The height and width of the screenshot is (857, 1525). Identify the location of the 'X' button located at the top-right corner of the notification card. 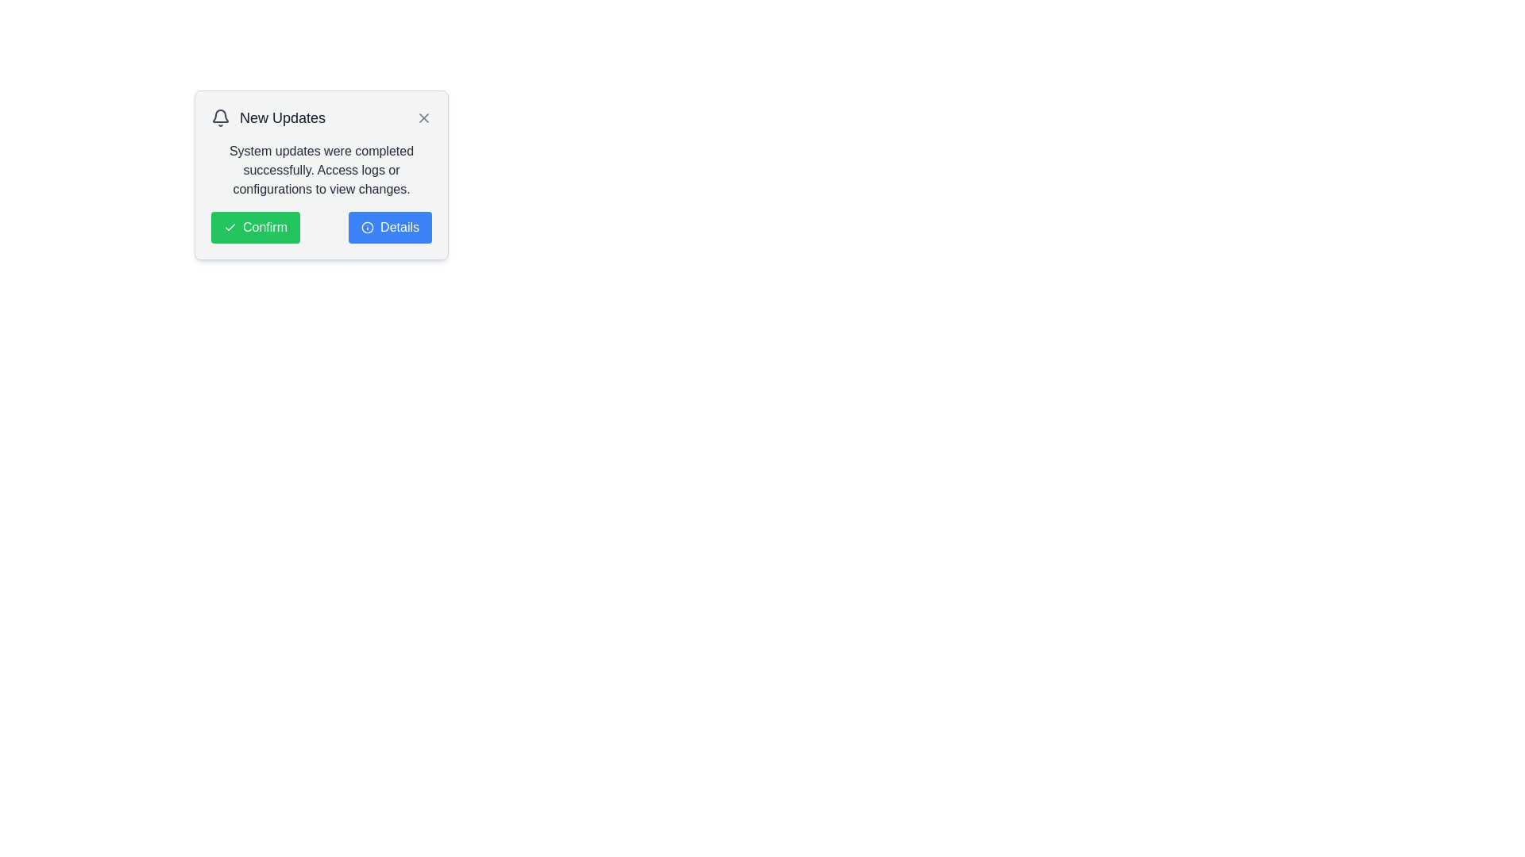
(423, 117).